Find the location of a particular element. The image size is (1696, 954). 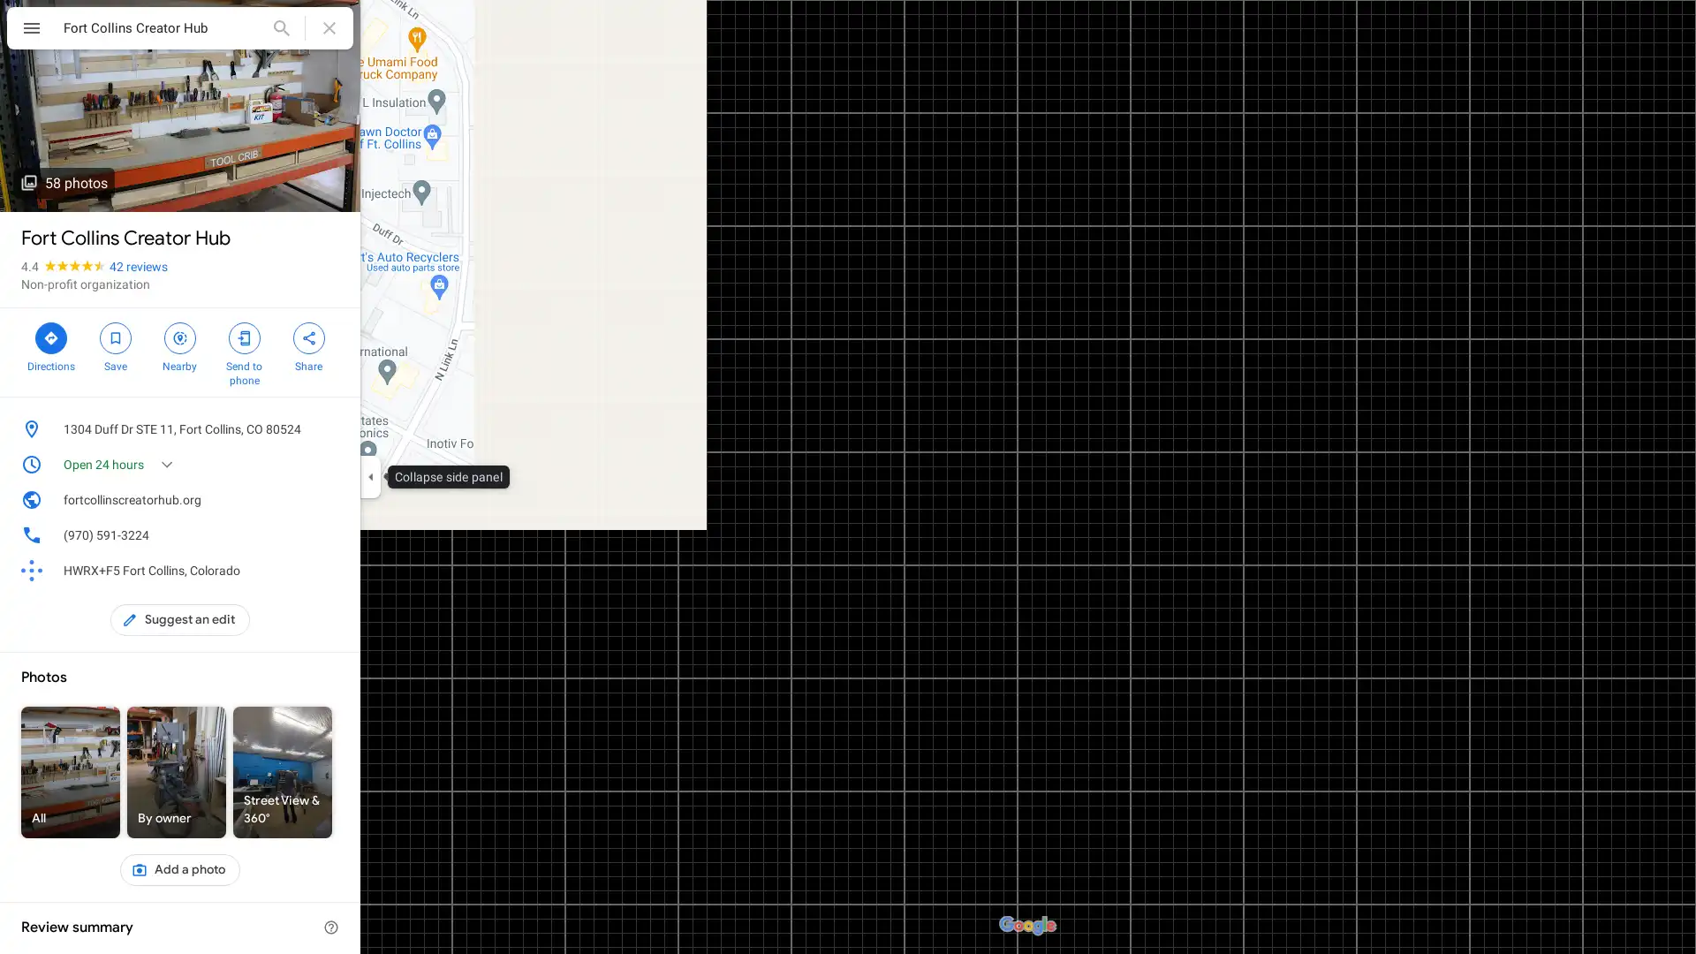

42 reviews is located at coordinates (138, 266).